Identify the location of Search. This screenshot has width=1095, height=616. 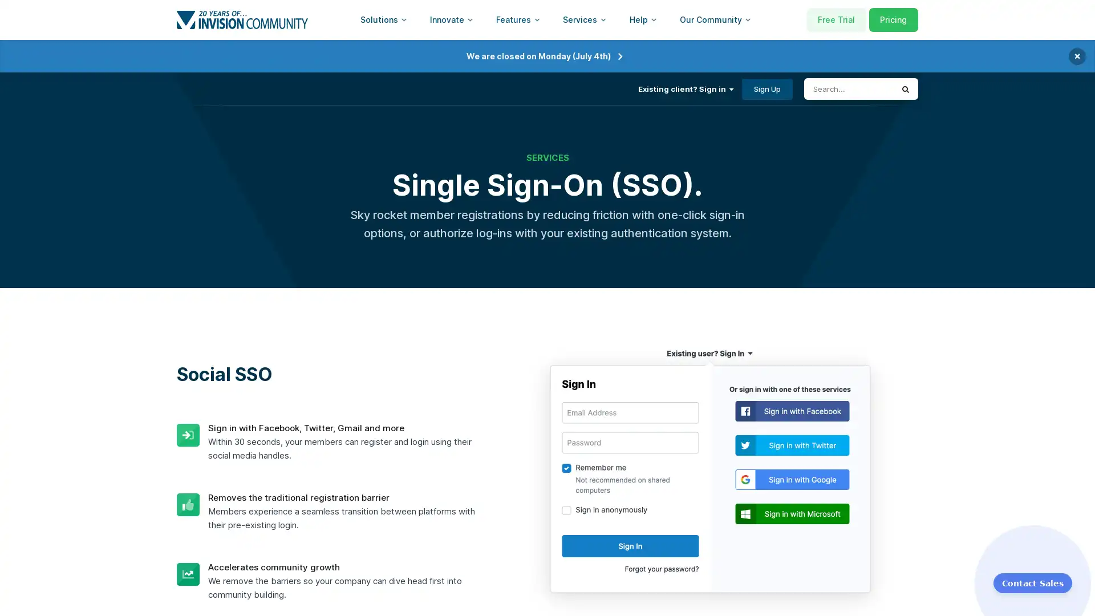
(905, 88).